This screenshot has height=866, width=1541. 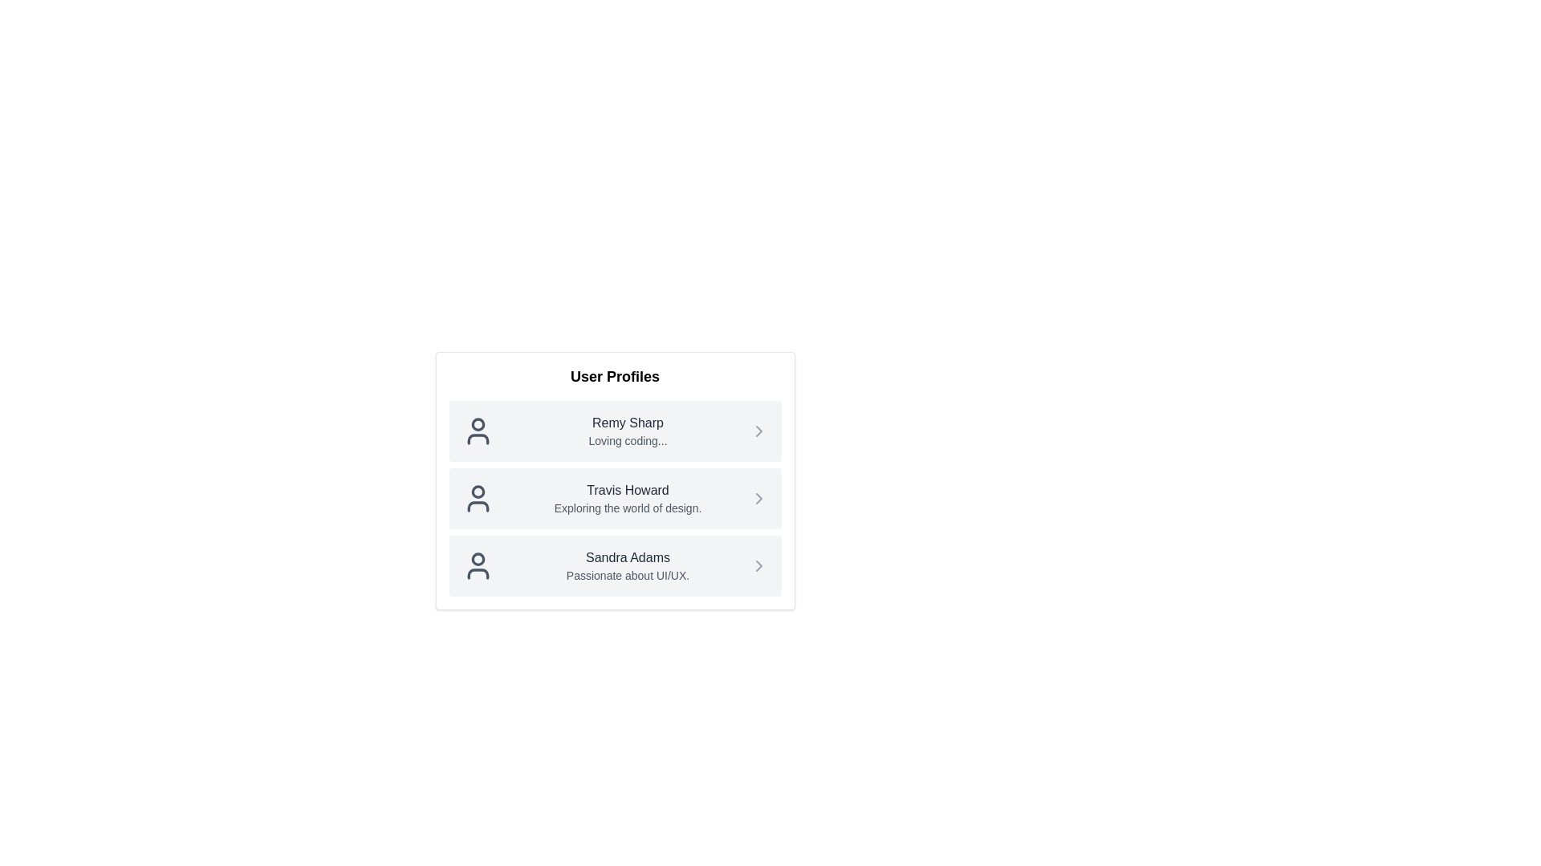 What do you see at coordinates (477, 558) in the screenshot?
I see `the circular part of the user avatar icon representing Sandra Adams, which is located to the left of the profile item in the user profiles list` at bounding box center [477, 558].